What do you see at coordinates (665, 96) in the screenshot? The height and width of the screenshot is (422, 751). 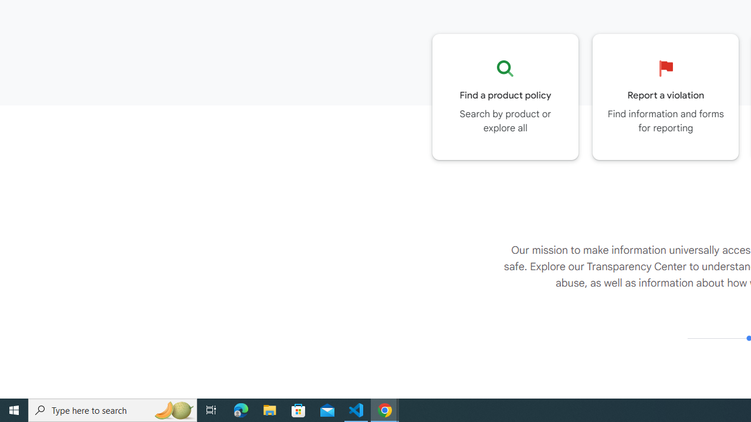 I see `'Go to the Reporting and appeals page'` at bounding box center [665, 96].